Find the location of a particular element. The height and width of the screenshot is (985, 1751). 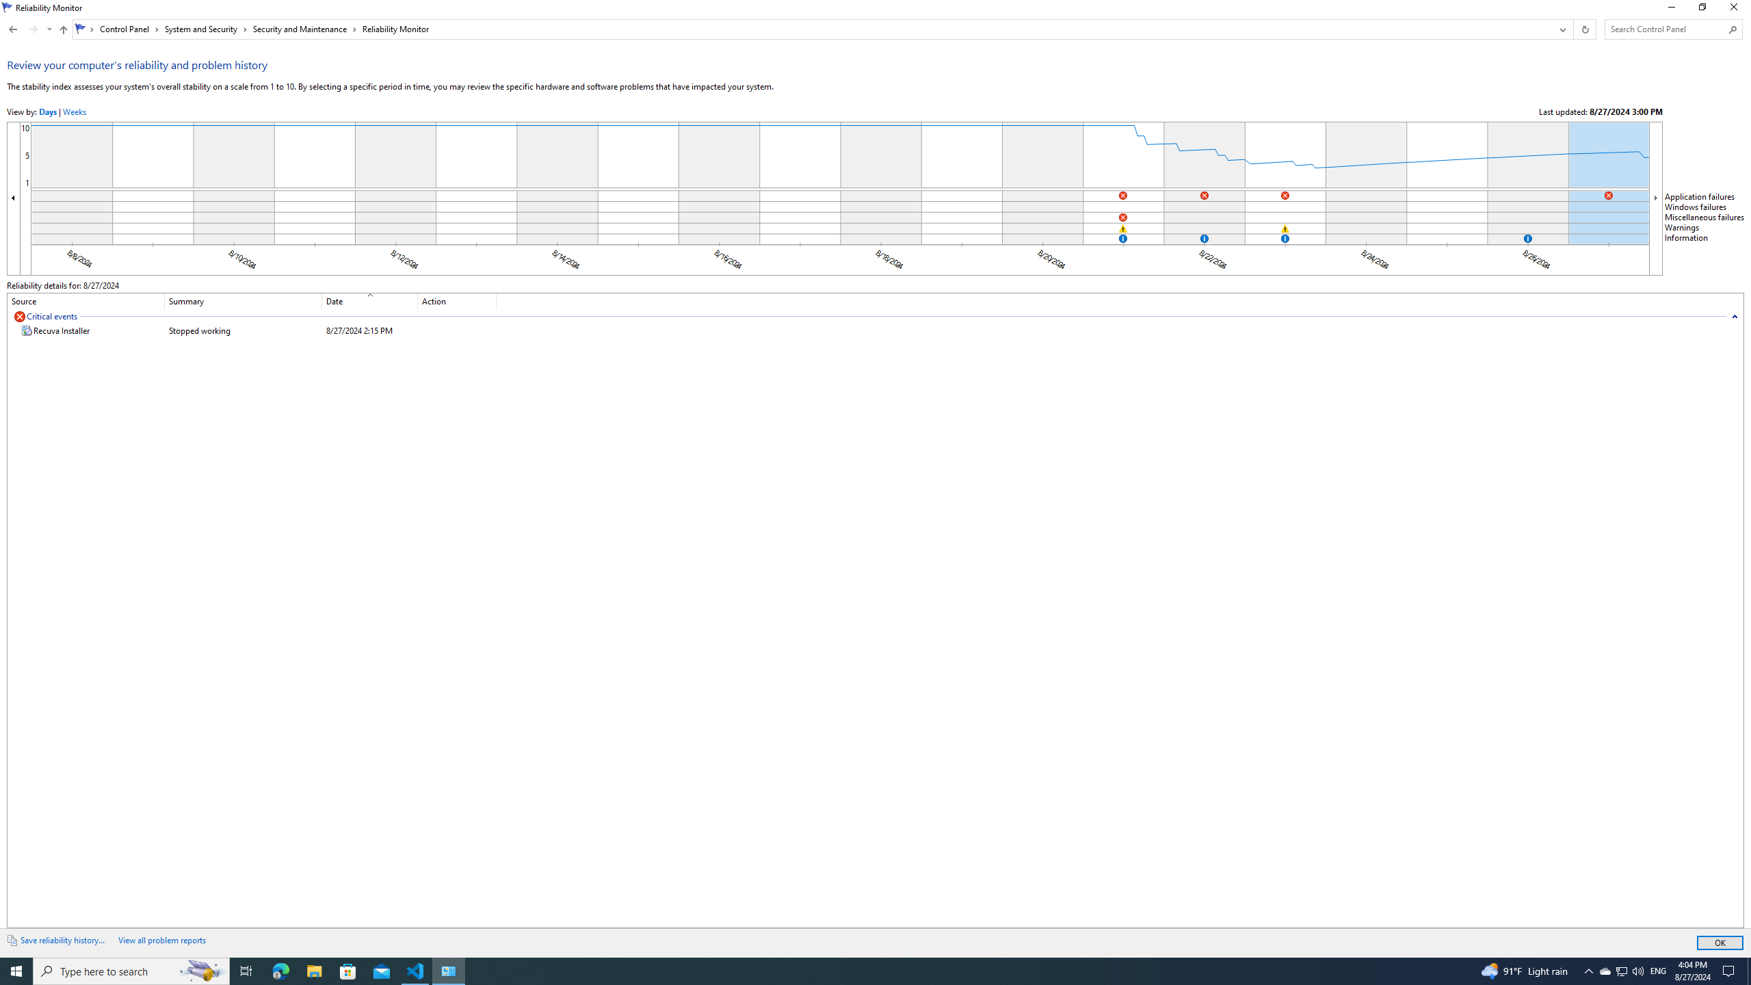

'Previous Locations' is located at coordinates (1561, 29).